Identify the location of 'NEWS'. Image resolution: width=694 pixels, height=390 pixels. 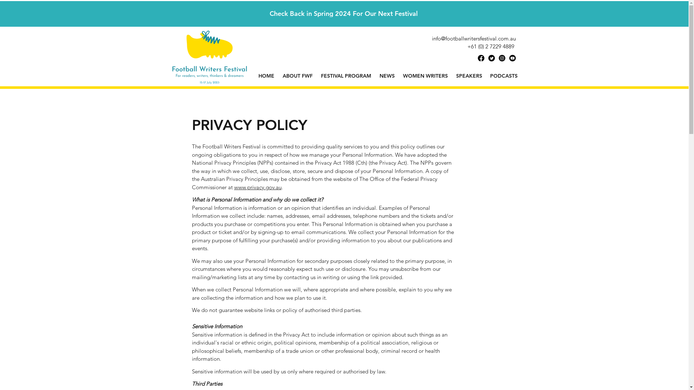
(386, 75).